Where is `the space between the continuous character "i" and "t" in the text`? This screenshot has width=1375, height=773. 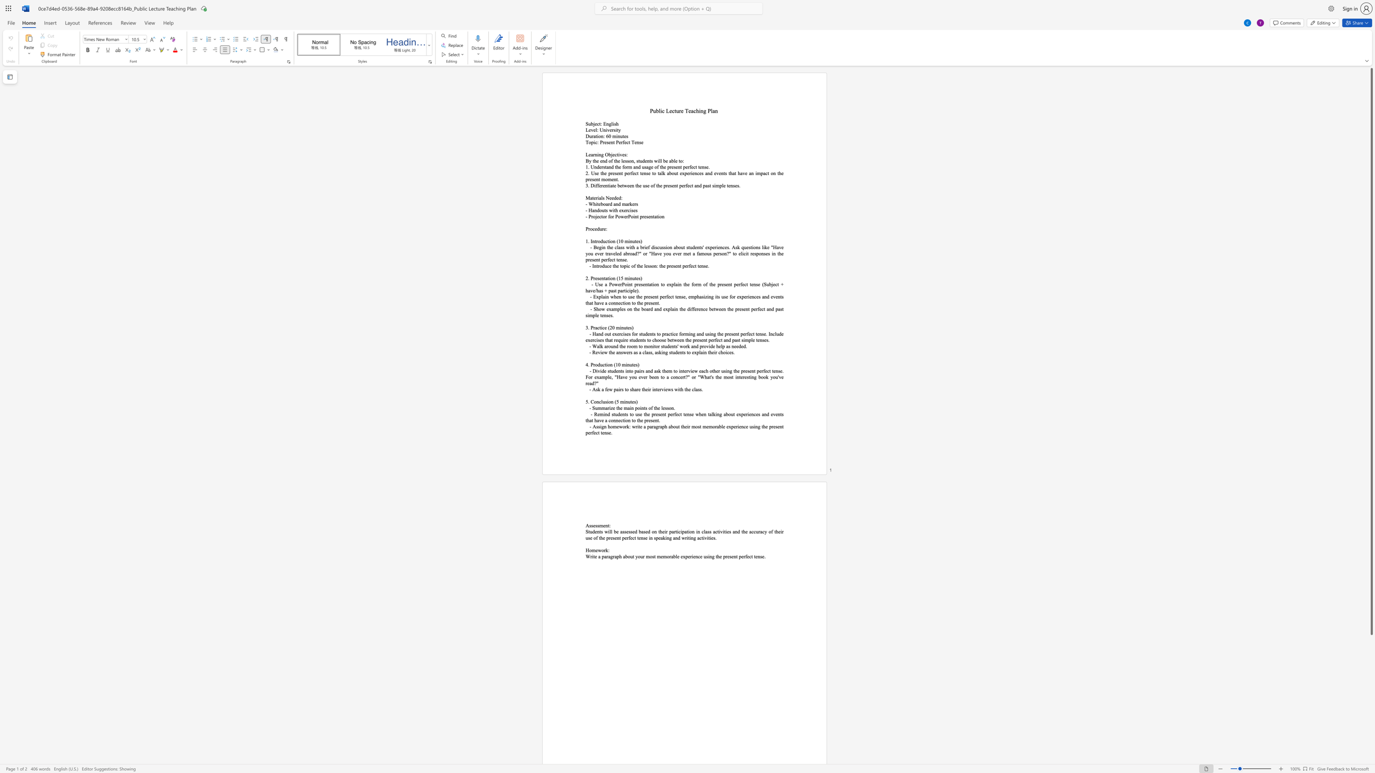
the space between the continuous character "i" and "t" in the text is located at coordinates (597, 203).